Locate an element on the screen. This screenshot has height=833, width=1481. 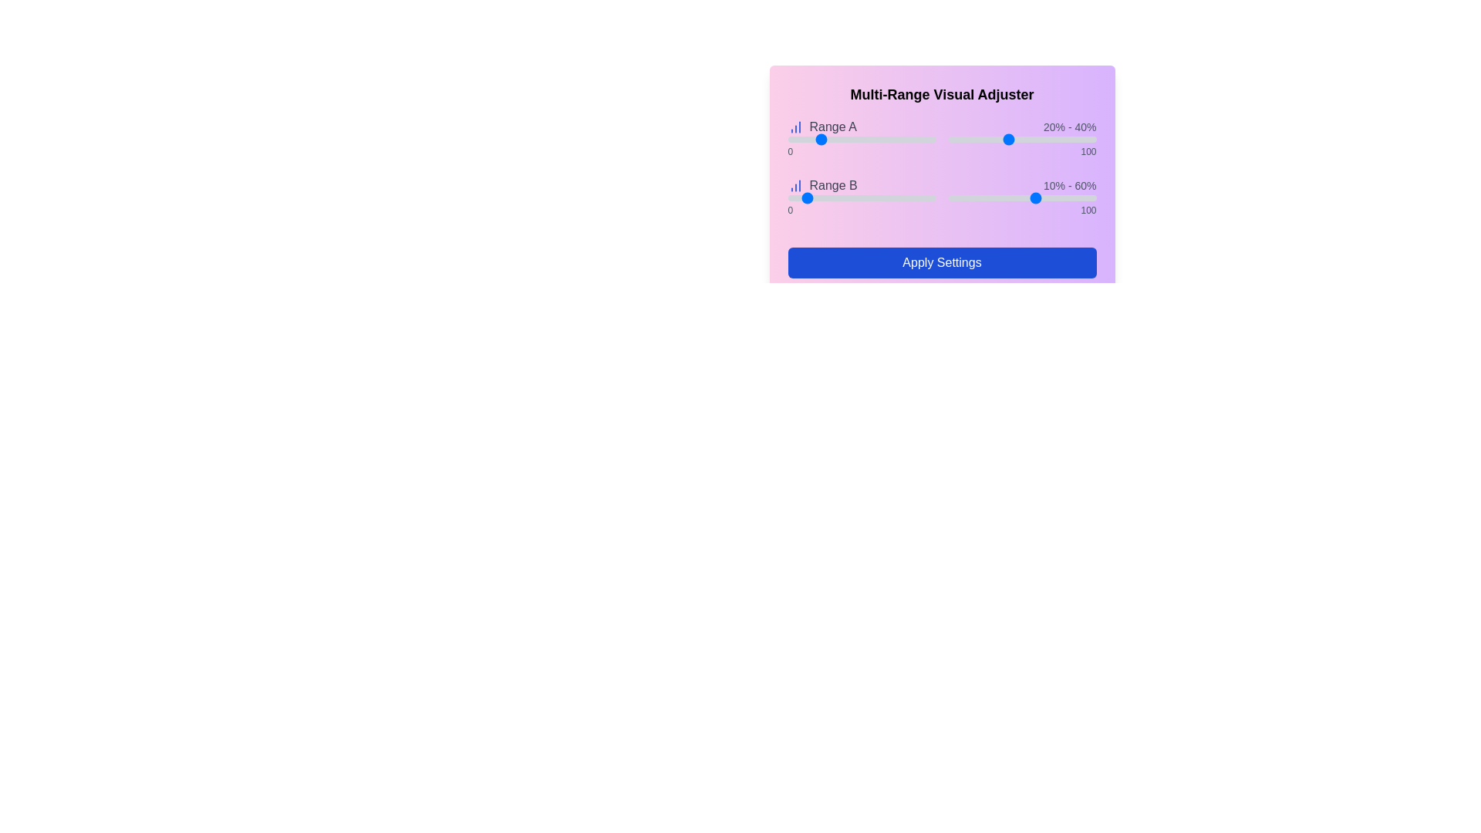
the slider is located at coordinates (1074, 140).